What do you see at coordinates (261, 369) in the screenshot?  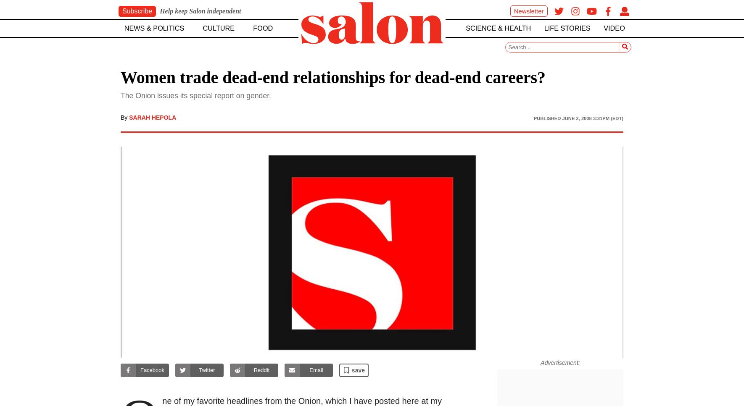 I see `'Reddit'` at bounding box center [261, 369].